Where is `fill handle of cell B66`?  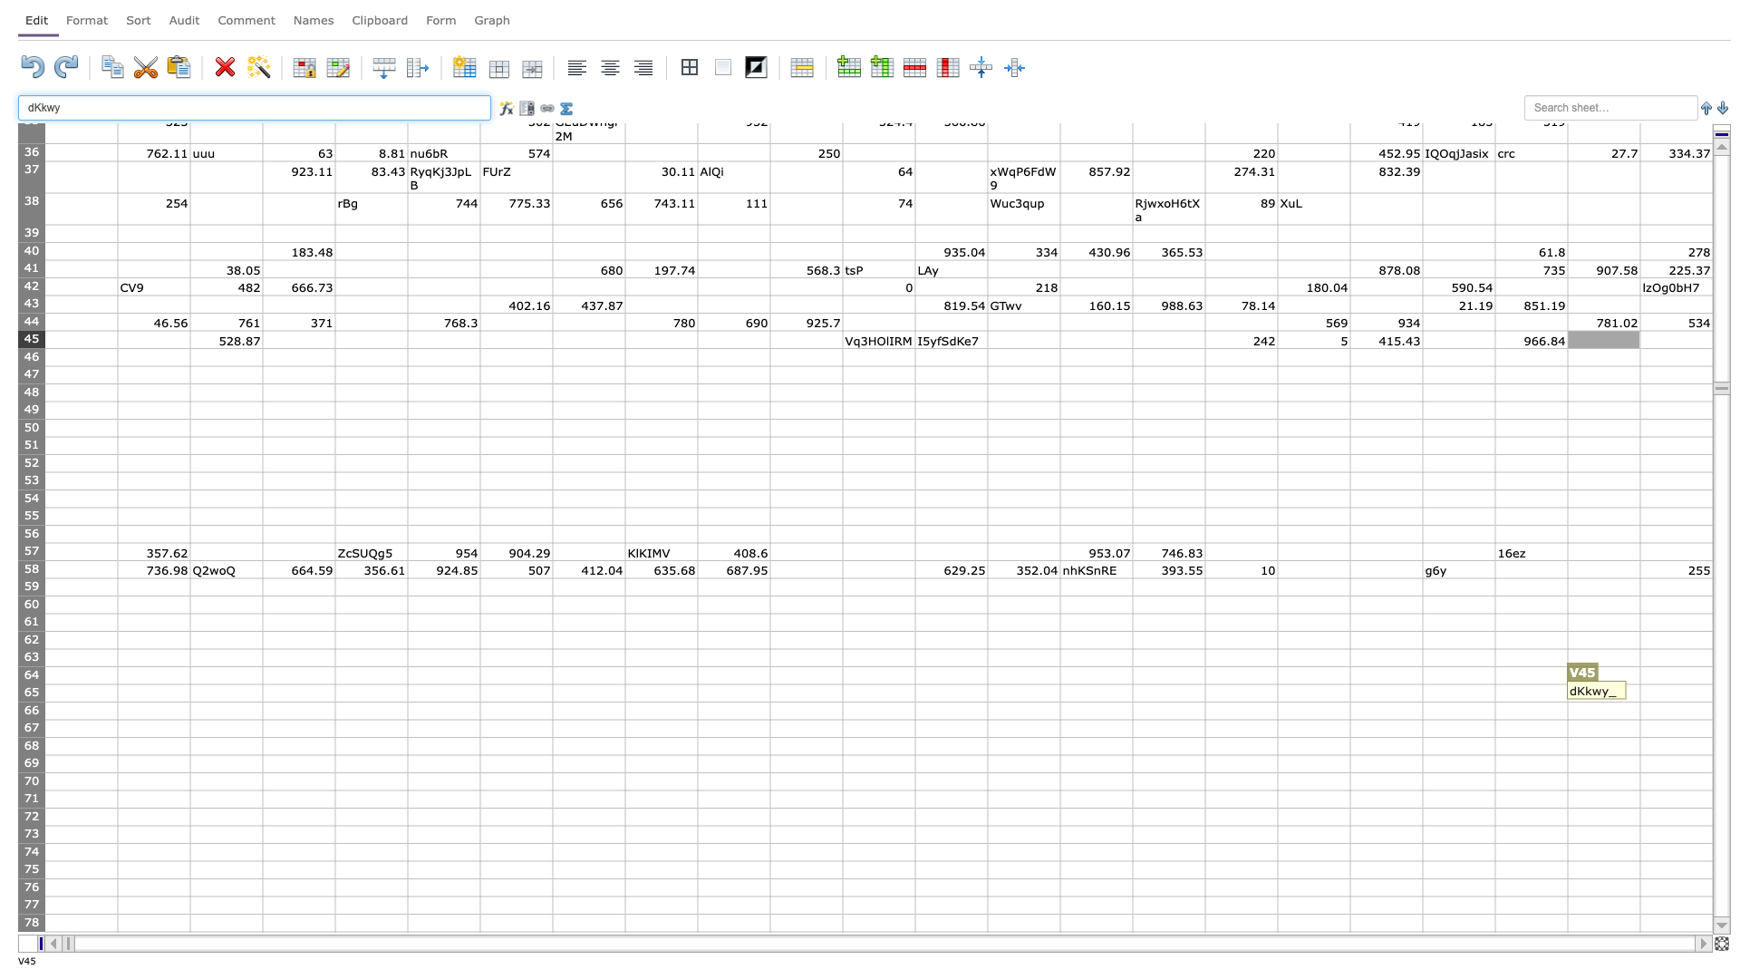
fill handle of cell B66 is located at coordinates (190, 719).